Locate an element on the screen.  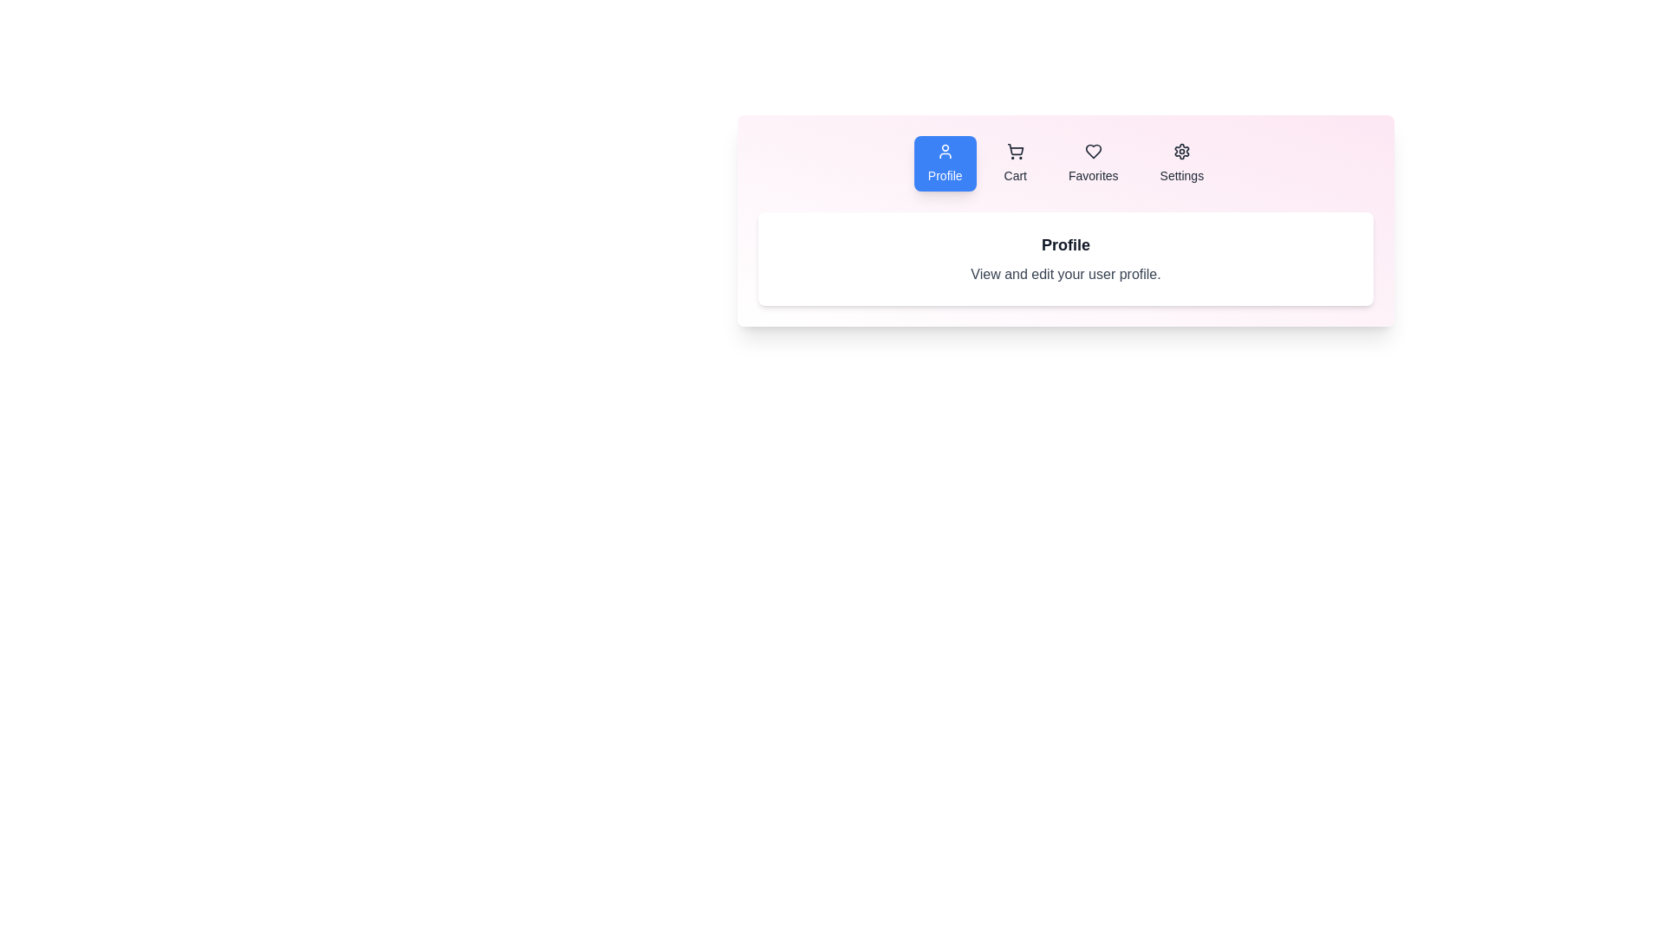
the tab labeled Cart to view its content is located at coordinates (1015, 164).